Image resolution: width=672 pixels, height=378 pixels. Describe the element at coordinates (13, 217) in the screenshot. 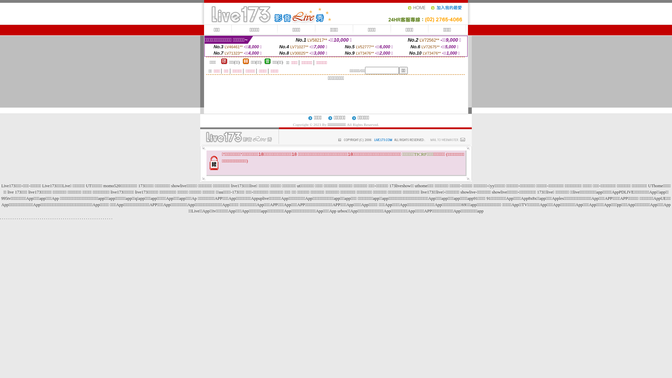

I see `'.'` at that location.